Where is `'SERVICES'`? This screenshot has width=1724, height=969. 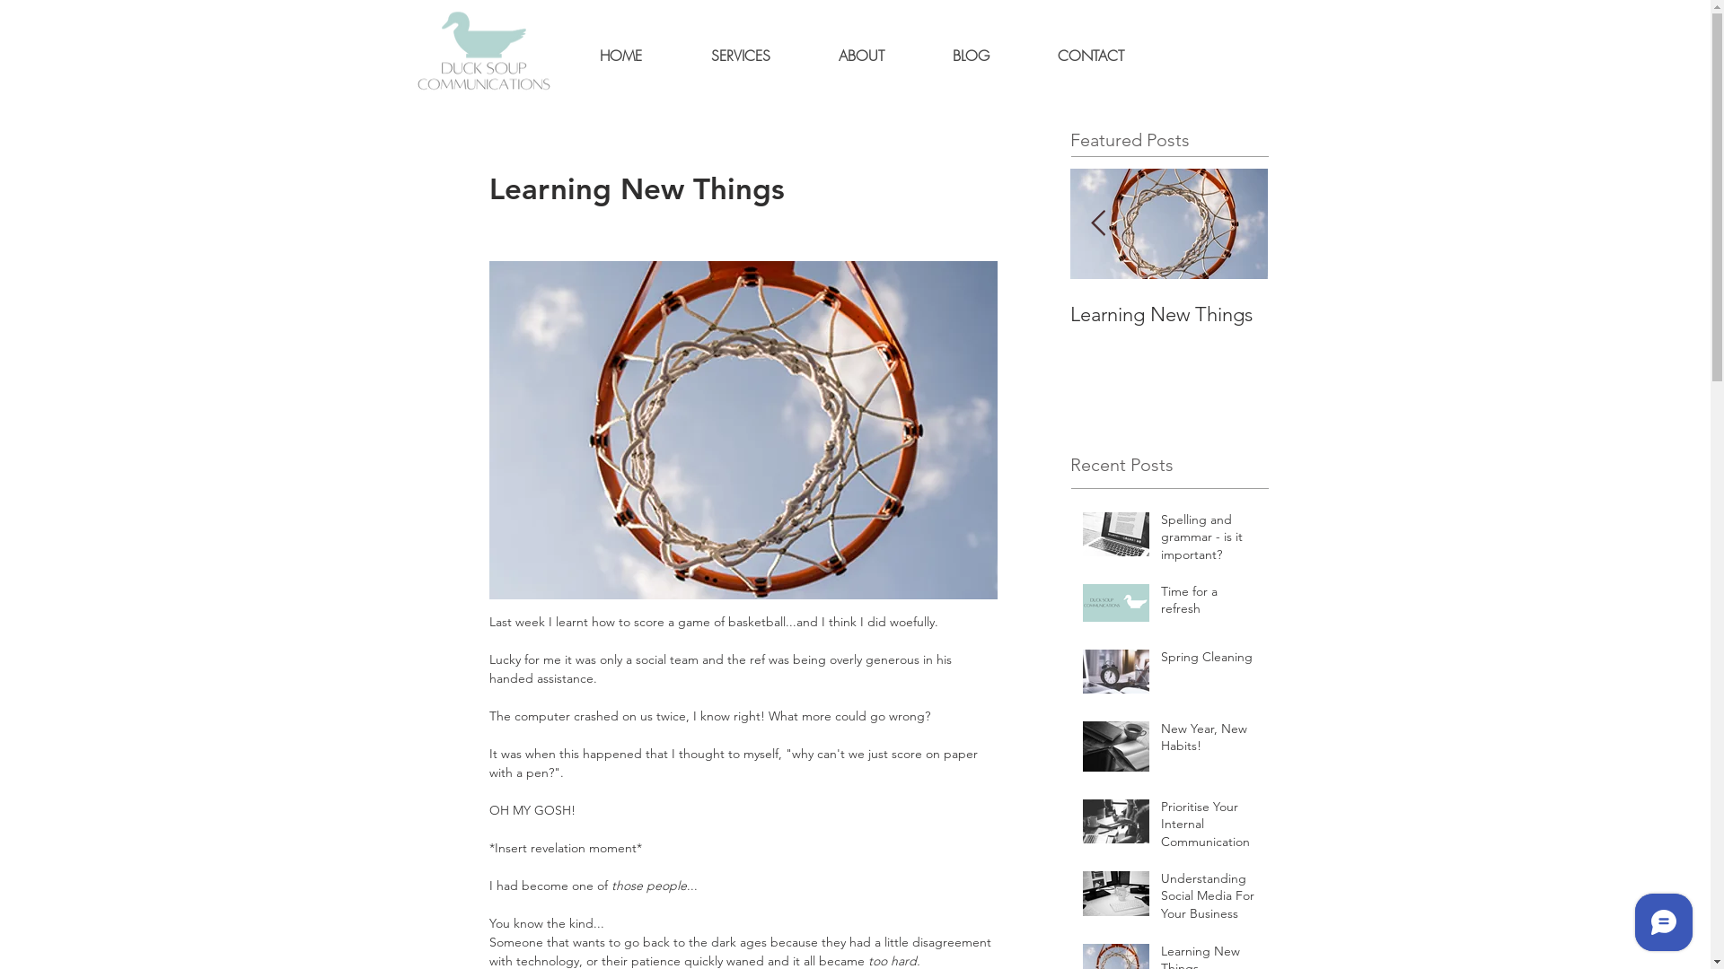 'SERVICES' is located at coordinates (741, 55).